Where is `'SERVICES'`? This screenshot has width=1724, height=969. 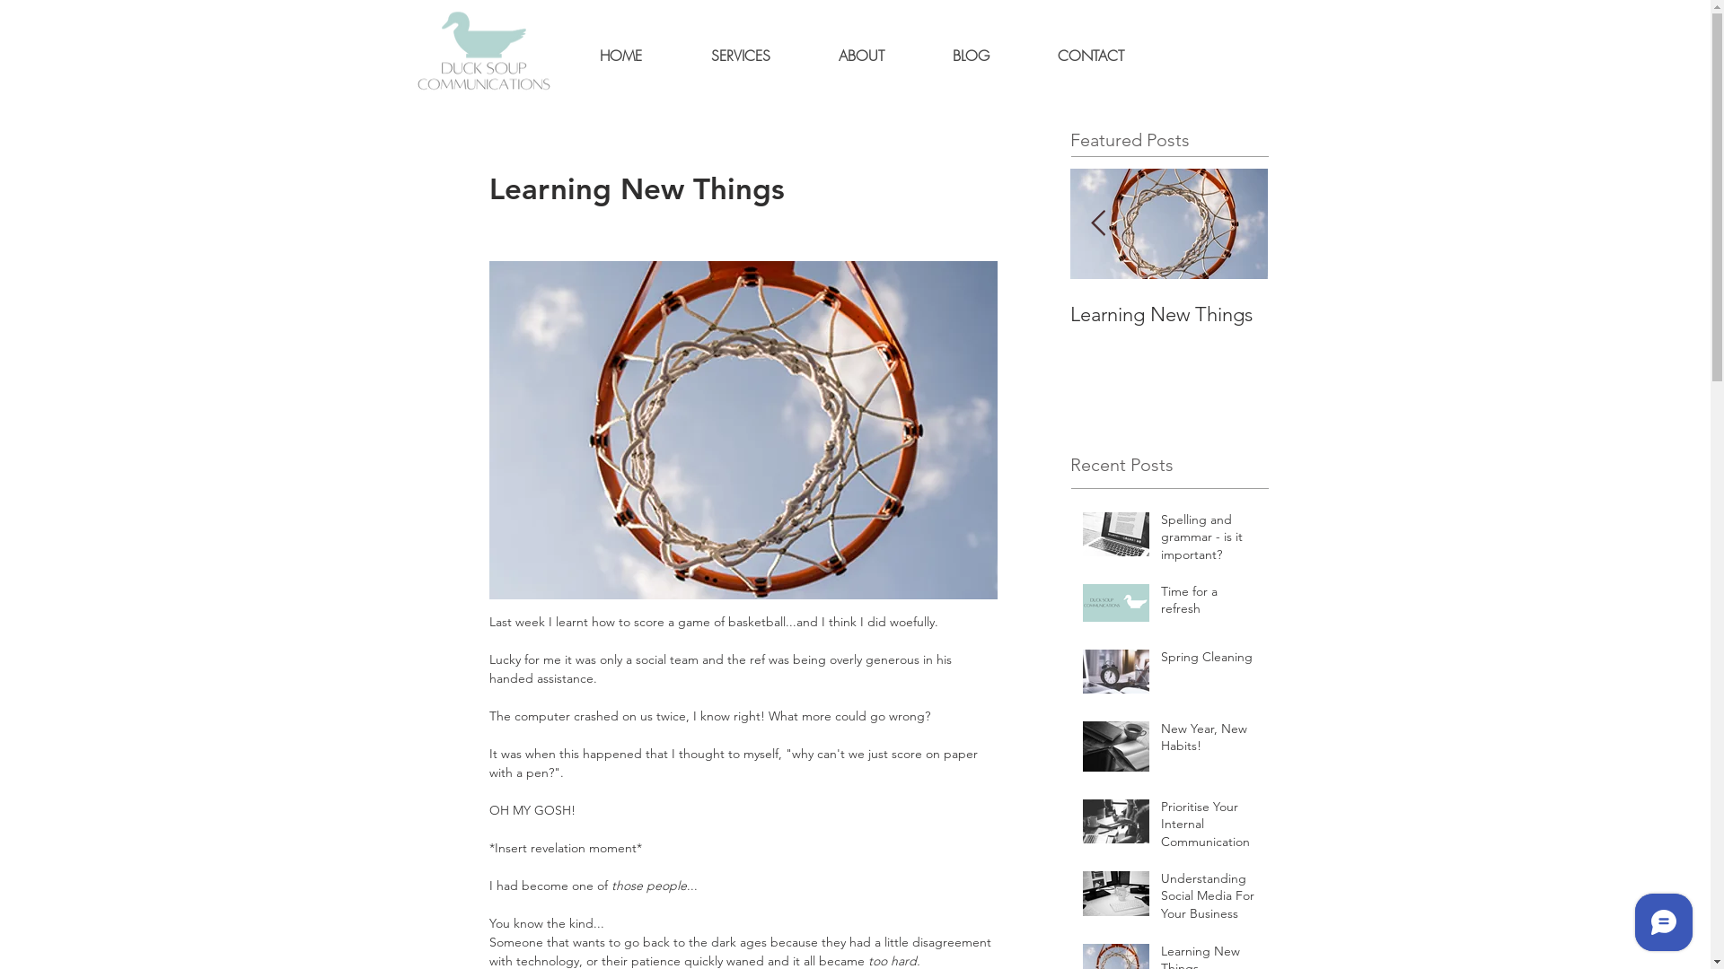 'SERVICES' is located at coordinates (741, 55).